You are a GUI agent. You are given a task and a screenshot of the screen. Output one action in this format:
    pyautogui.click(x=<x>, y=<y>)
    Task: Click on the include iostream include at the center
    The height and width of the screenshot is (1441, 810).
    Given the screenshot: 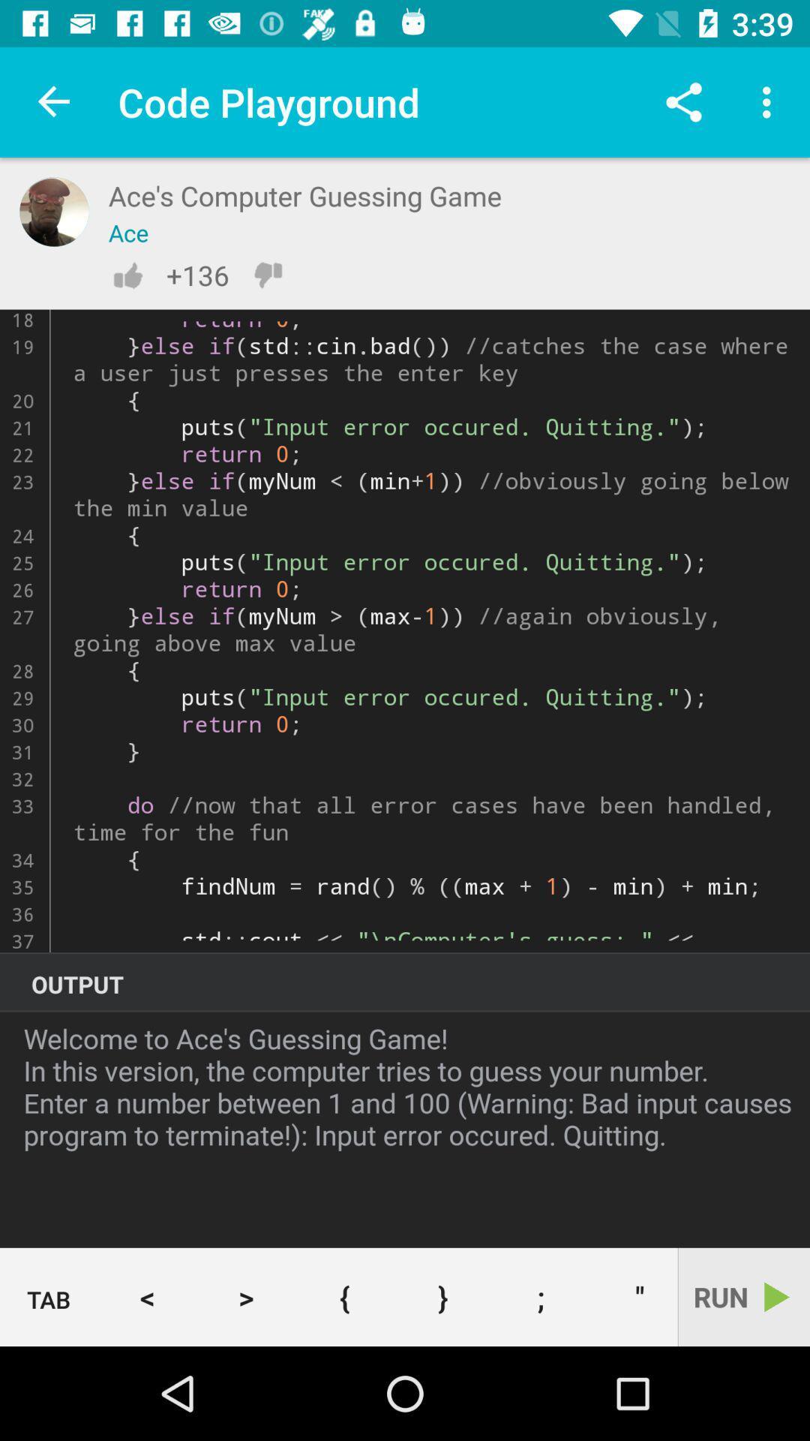 What is the action you would take?
    pyautogui.click(x=405, y=630)
    